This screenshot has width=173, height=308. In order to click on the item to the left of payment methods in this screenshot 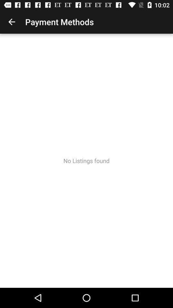, I will do `click(12, 22)`.